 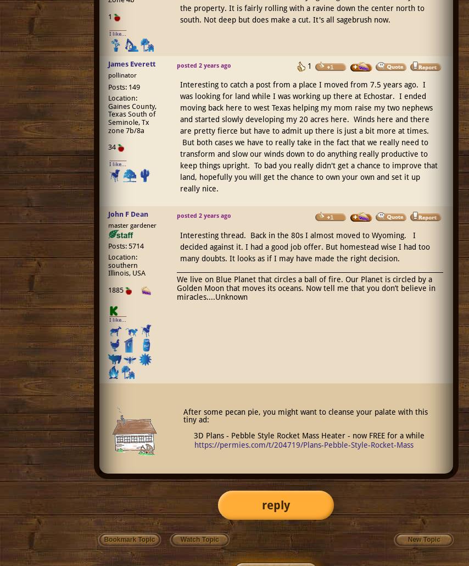 I want to click on '3D Plans - Pebble Style Rocket Mass Heater - now FREE for a while', so click(x=309, y=435).